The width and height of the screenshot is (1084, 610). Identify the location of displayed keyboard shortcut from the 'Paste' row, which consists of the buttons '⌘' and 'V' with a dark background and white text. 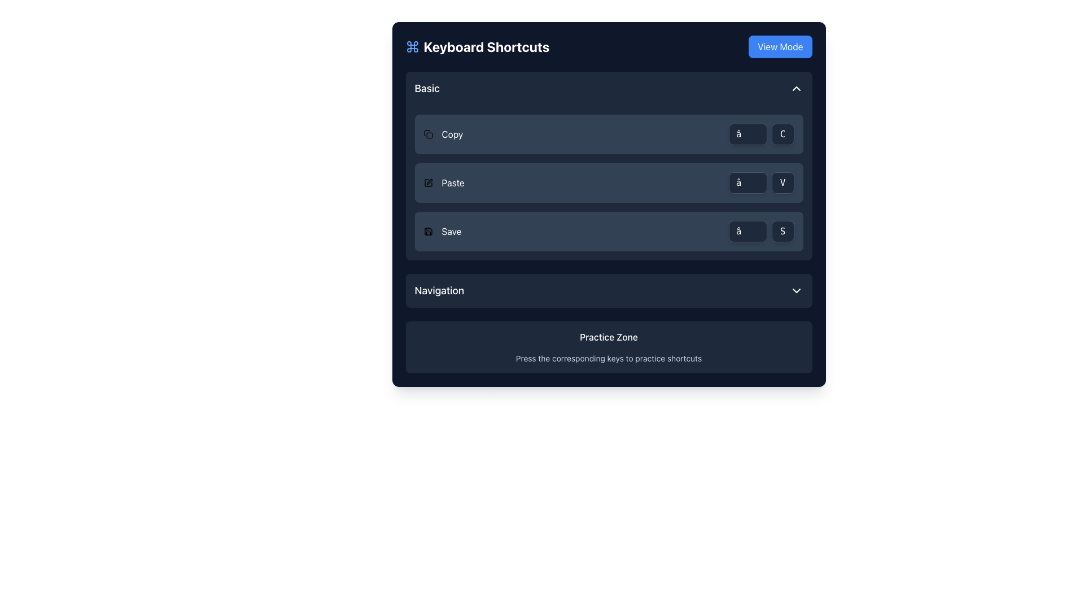
(761, 182).